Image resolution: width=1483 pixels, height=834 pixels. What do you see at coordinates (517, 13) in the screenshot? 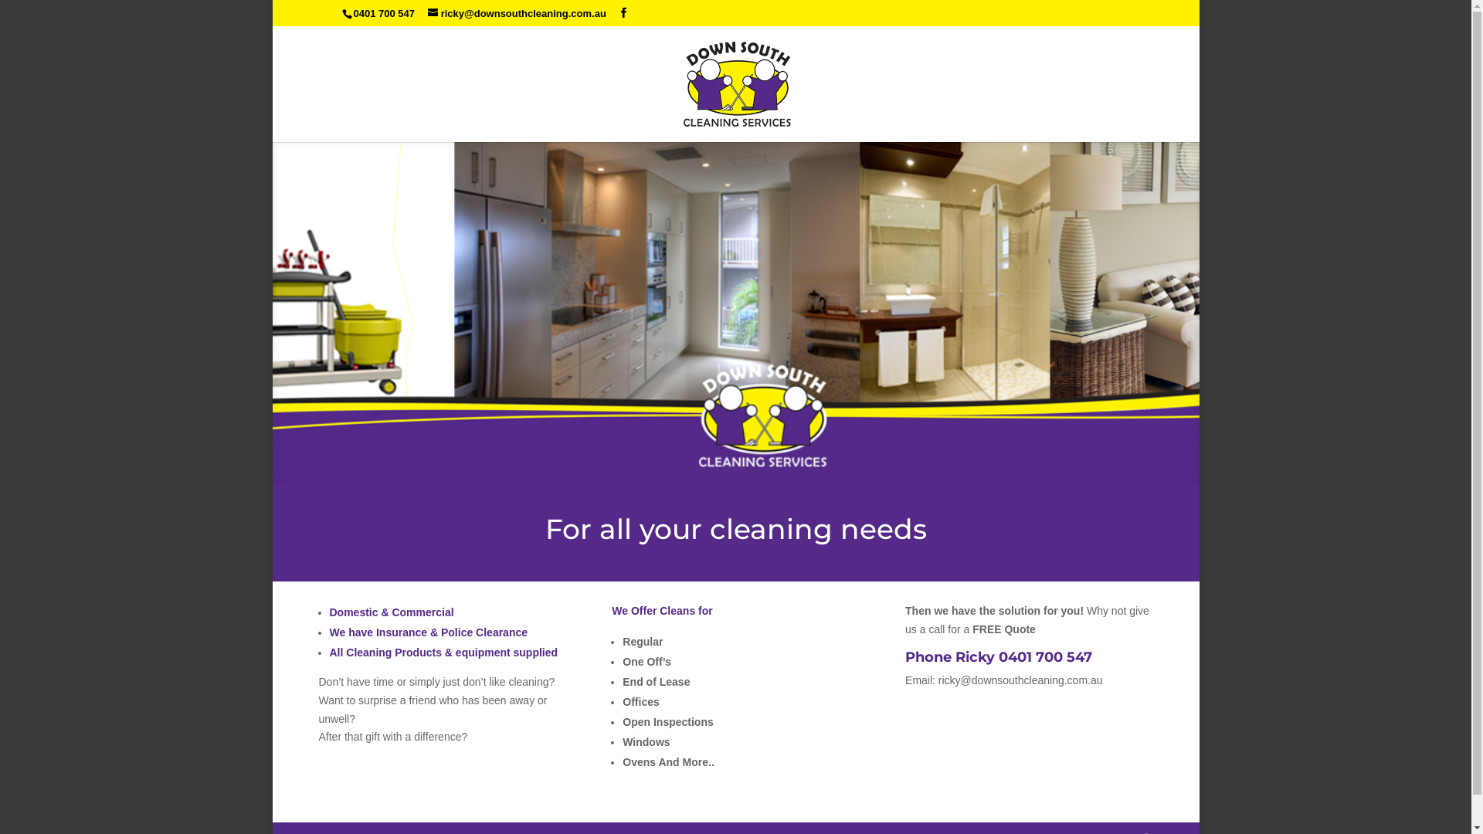
I see `'ricky@downsouthcleaning.com.au'` at bounding box center [517, 13].